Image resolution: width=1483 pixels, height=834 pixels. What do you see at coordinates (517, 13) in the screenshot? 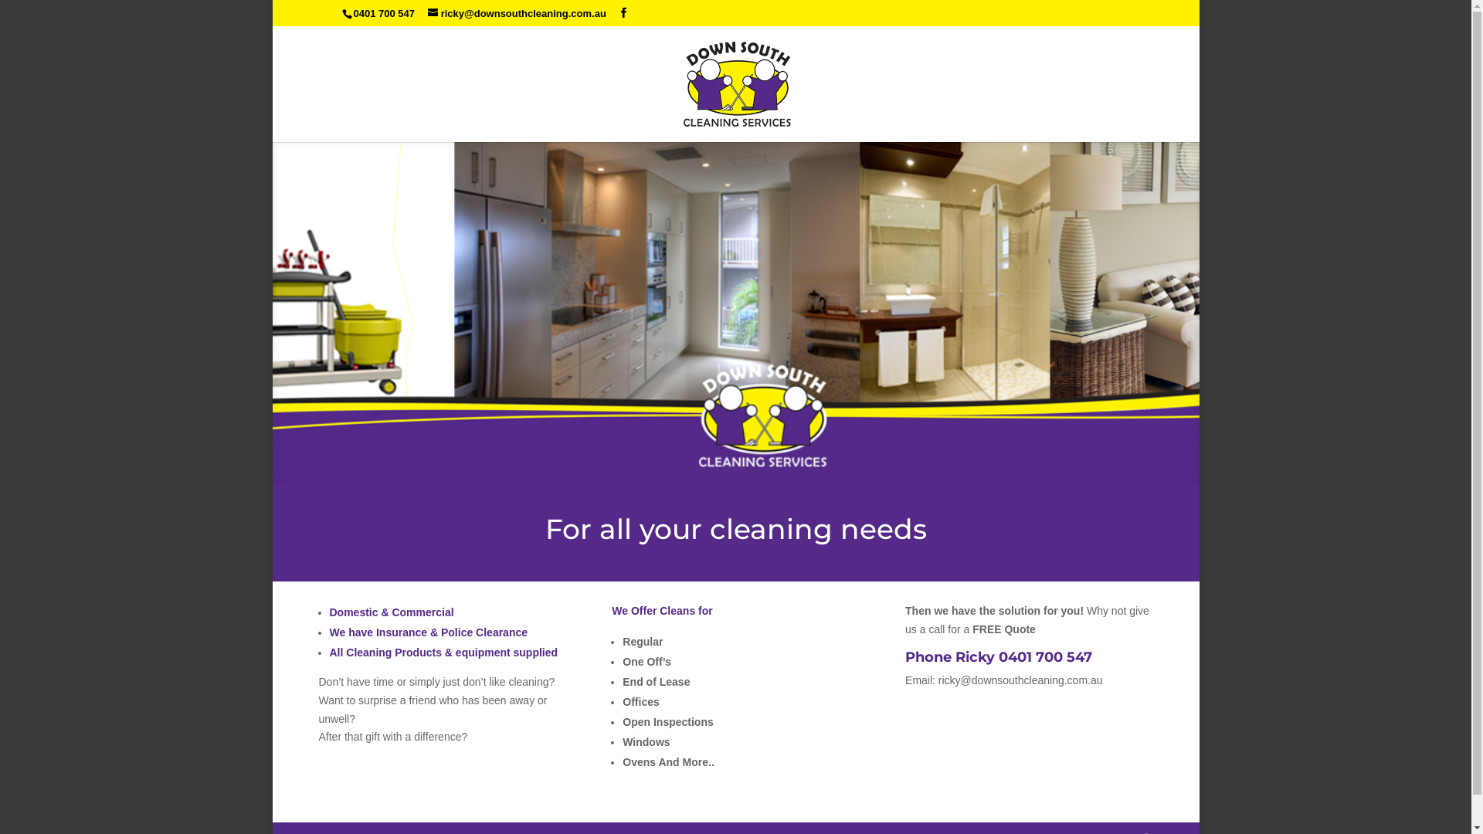
I see `'ricky@downsouthcleaning.com.au'` at bounding box center [517, 13].